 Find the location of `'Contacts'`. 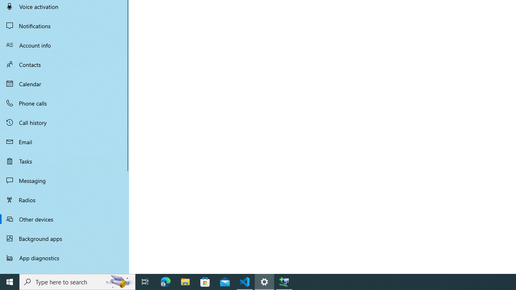

'Contacts' is located at coordinates (64, 64).